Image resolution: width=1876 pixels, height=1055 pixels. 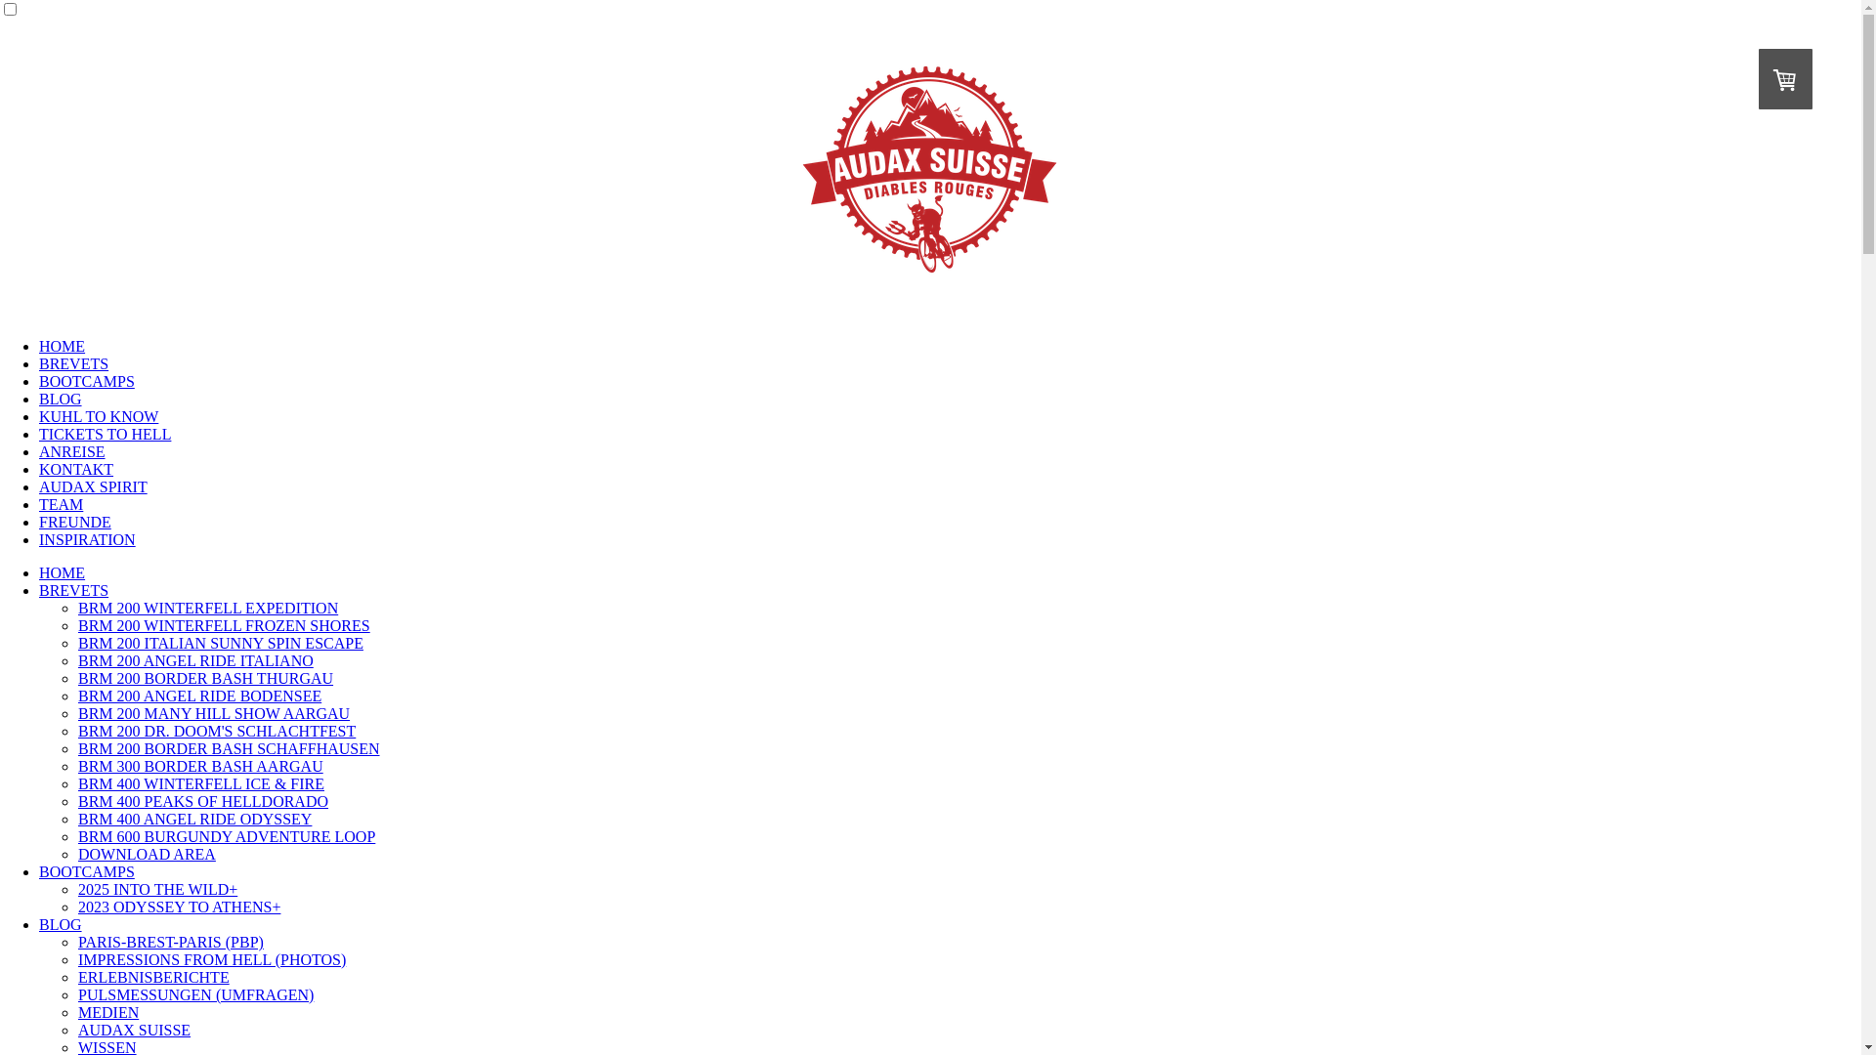 What do you see at coordinates (207, 607) in the screenshot?
I see `'BRM 200 WINTERFELL EXPEDITION'` at bounding box center [207, 607].